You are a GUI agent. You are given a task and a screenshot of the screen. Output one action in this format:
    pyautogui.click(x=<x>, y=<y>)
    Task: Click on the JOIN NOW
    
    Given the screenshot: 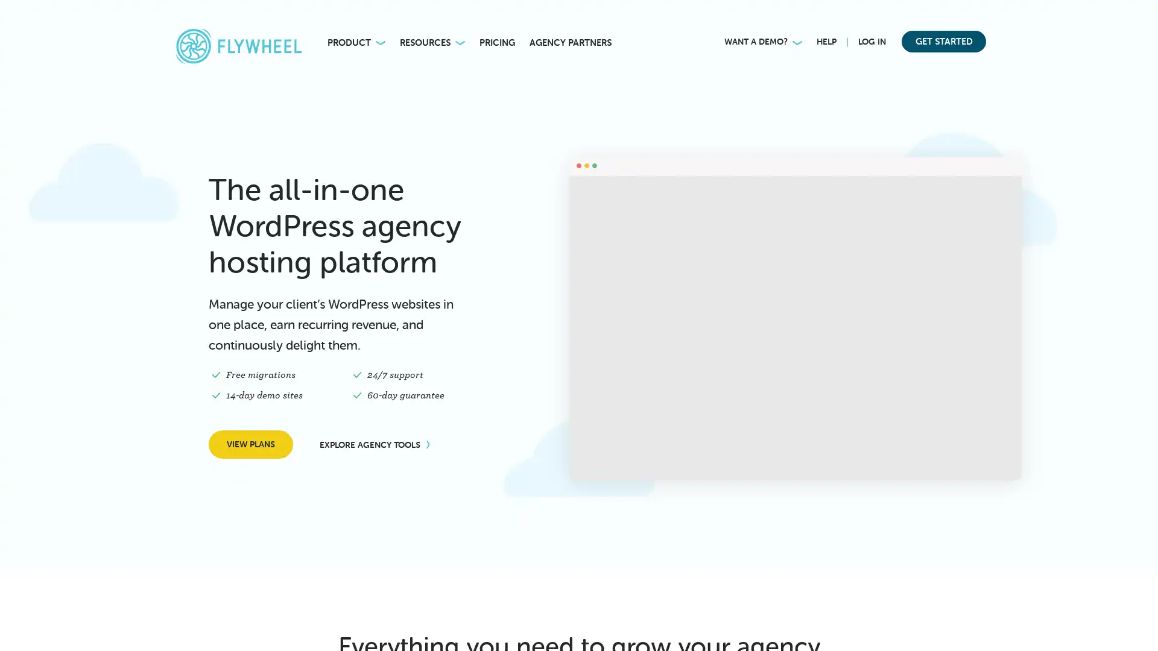 What is the action you would take?
    pyautogui.click(x=812, y=18)
    